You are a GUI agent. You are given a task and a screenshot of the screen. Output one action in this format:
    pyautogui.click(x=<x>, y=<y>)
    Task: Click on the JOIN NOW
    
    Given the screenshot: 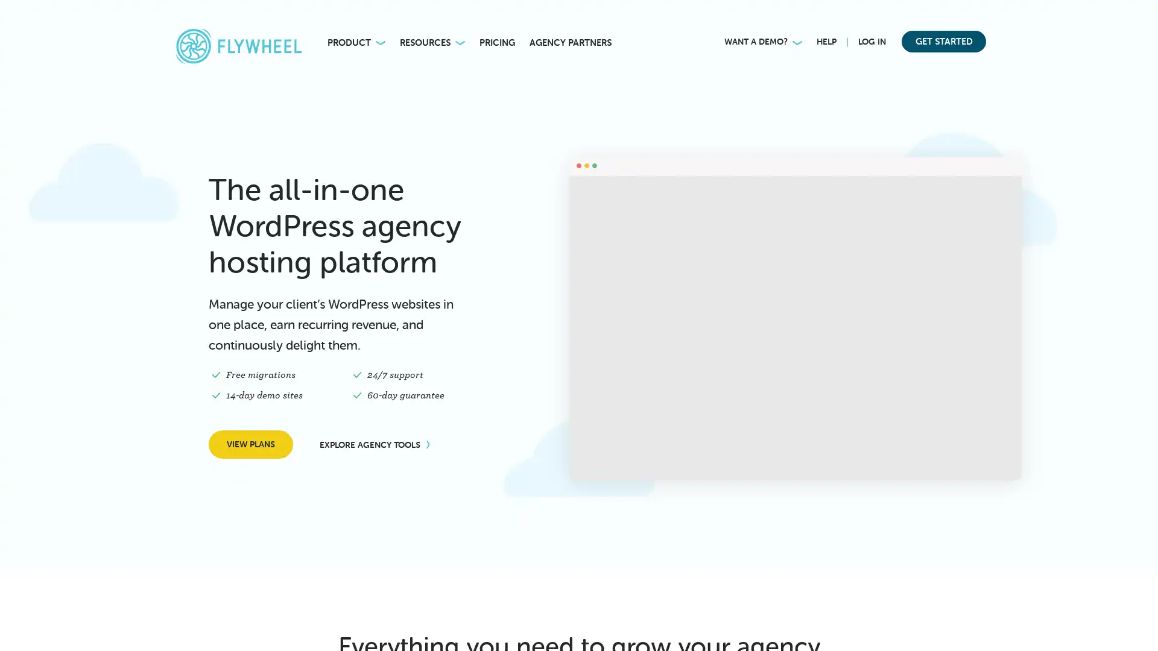 What is the action you would take?
    pyautogui.click(x=812, y=18)
    